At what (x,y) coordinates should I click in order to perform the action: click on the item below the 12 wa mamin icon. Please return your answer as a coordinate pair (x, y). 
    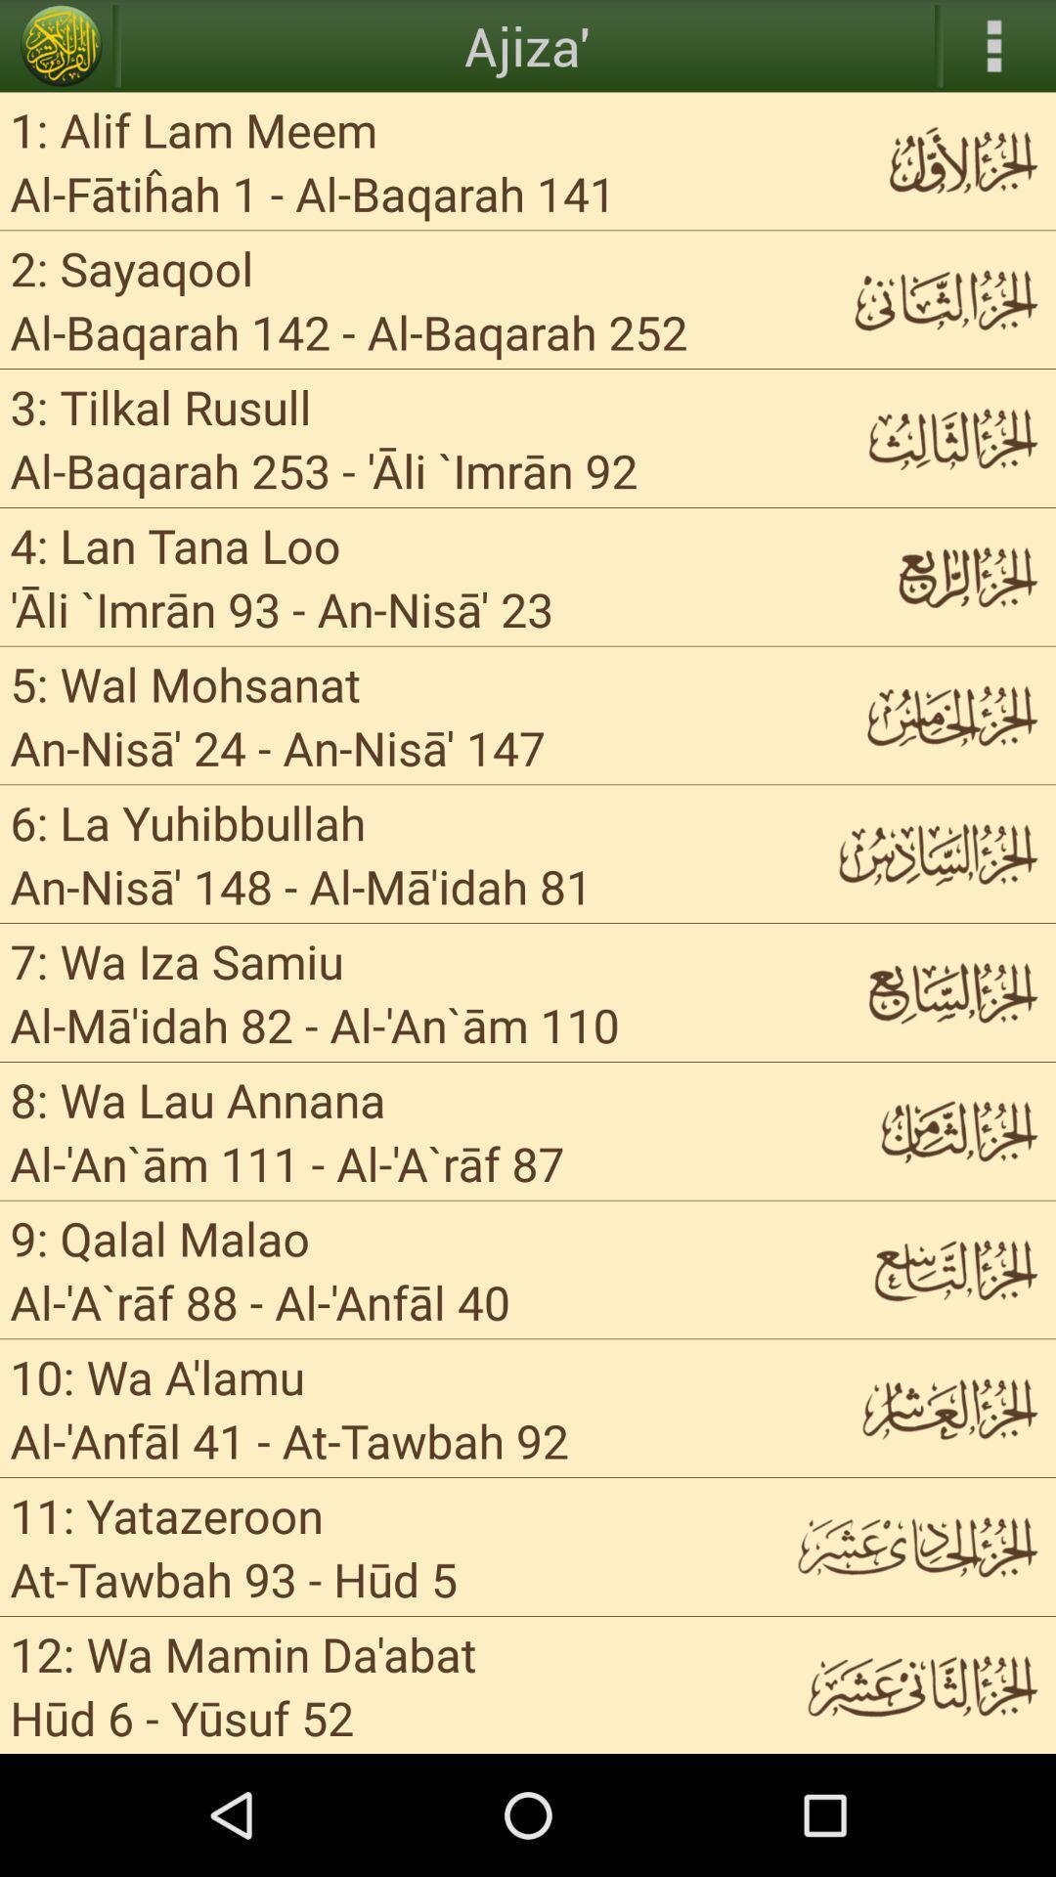
    Looking at the image, I should click on (370, 1716).